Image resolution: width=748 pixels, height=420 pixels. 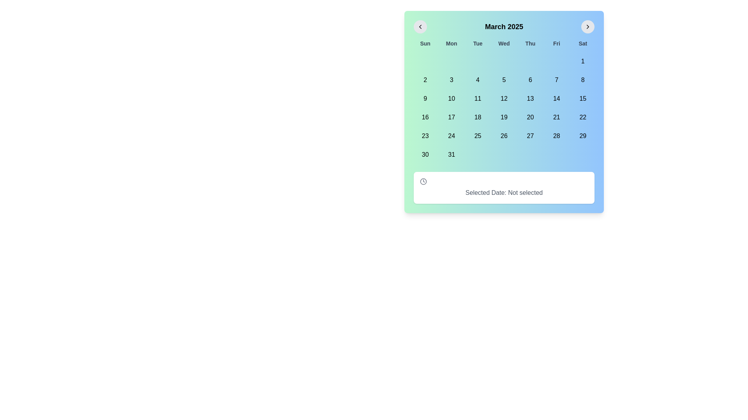 What do you see at coordinates (556, 98) in the screenshot?
I see `the Interactive calendar day button displaying the number '14' for additional options` at bounding box center [556, 98].